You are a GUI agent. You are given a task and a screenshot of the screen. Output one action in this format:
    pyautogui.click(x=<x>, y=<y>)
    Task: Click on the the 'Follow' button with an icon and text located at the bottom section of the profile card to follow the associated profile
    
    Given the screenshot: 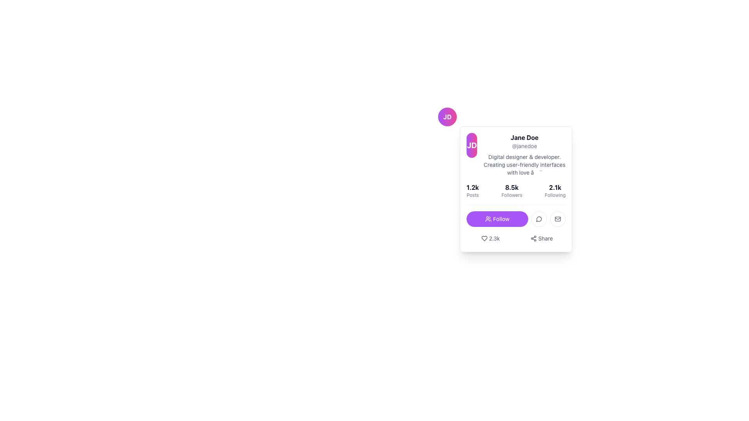 What is the action you would take?
    pyautogui.click(x=497, y=219)
    